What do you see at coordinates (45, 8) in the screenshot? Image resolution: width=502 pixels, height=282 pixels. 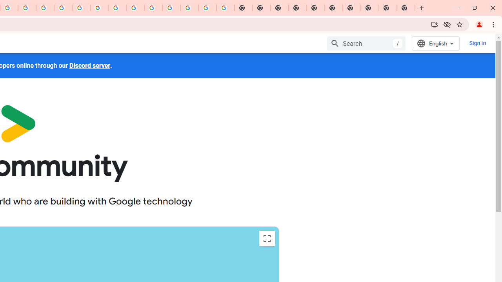 I see `'Privacy Help Center - Policies Help'` at bounding box center [45, 8].